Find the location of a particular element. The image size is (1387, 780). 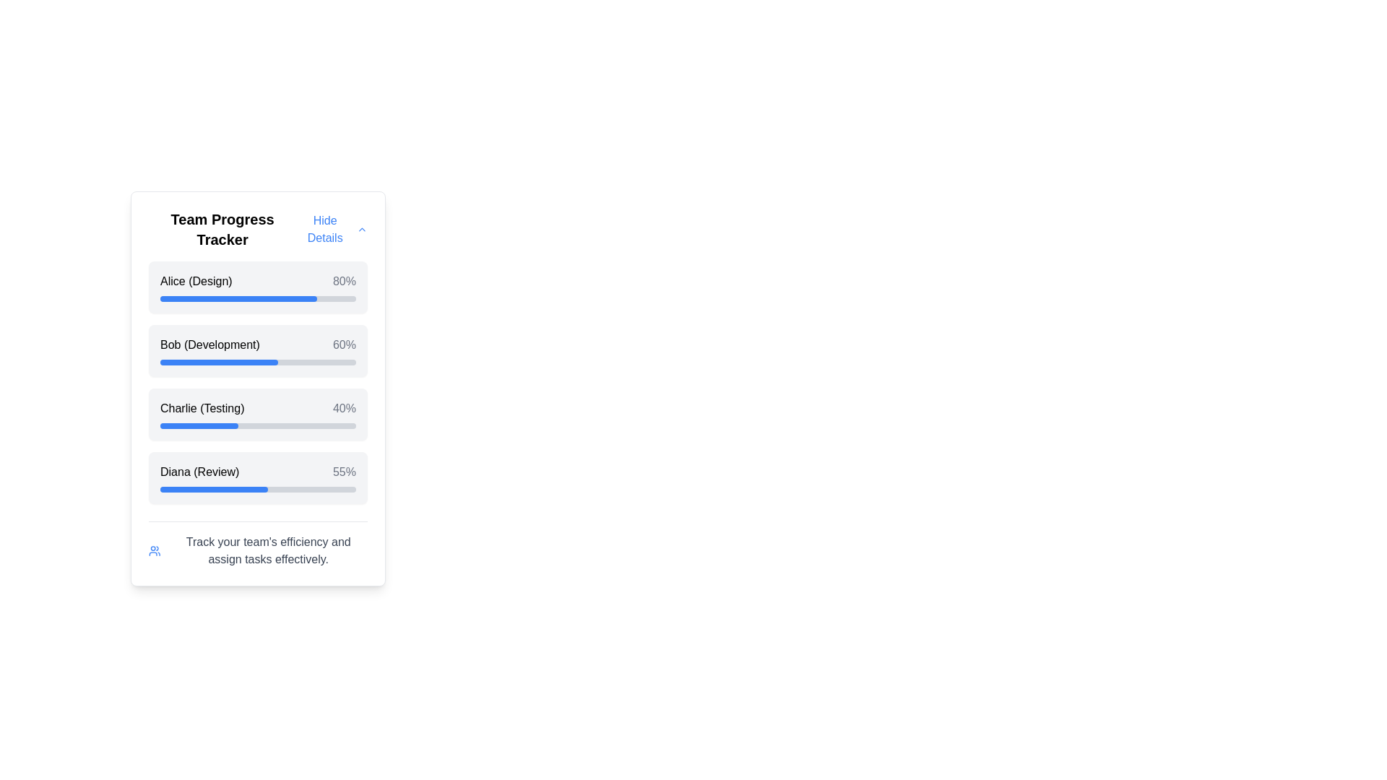

the text display element showing 'Bob (Development)' and '60%' for reading is located at coordinates (258, 345).